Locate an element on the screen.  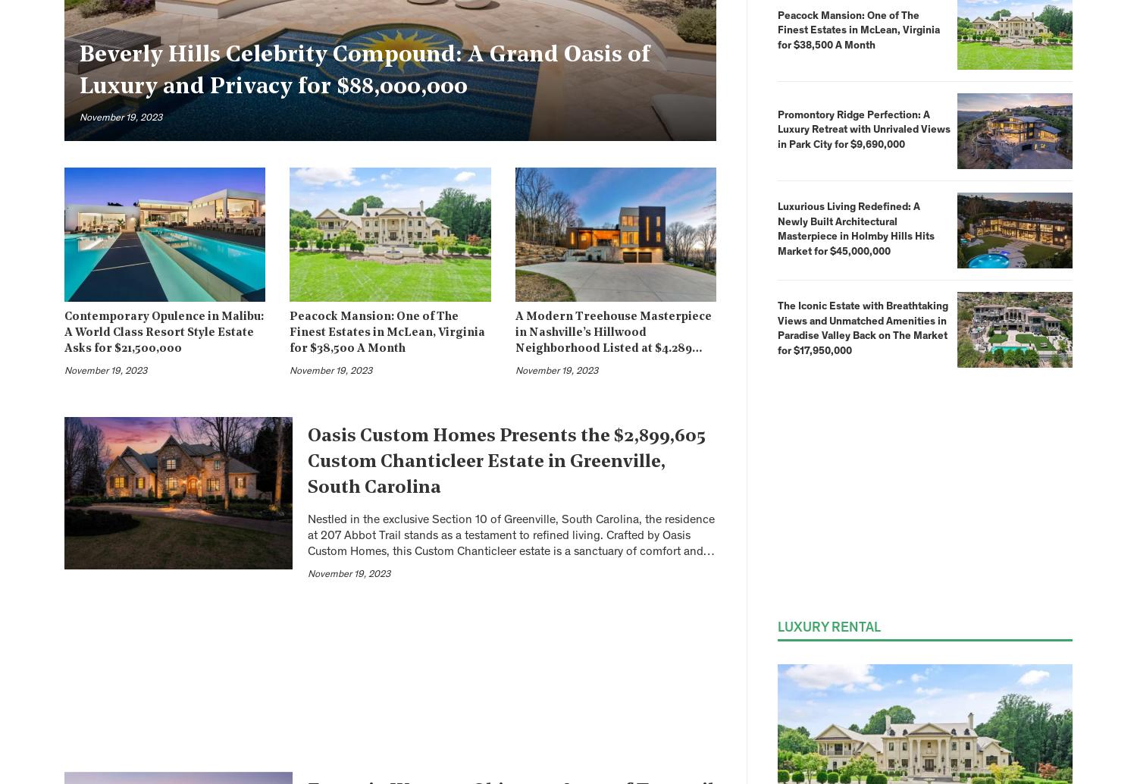
'Nestled in the exclusive Section 10 of Greenville, South Carolina, the residence at 207 Abbot Trail stands as a testament to refined living. Crafted by Oasis Custom Homes, this Custom Chanticleer estate is a sanctuary of comfort and elegance, situated on a generous 2/3 acre level lot that seamlessly transitions to a 10-acre wooded estate. […]' is located at coordinates (511, 551).